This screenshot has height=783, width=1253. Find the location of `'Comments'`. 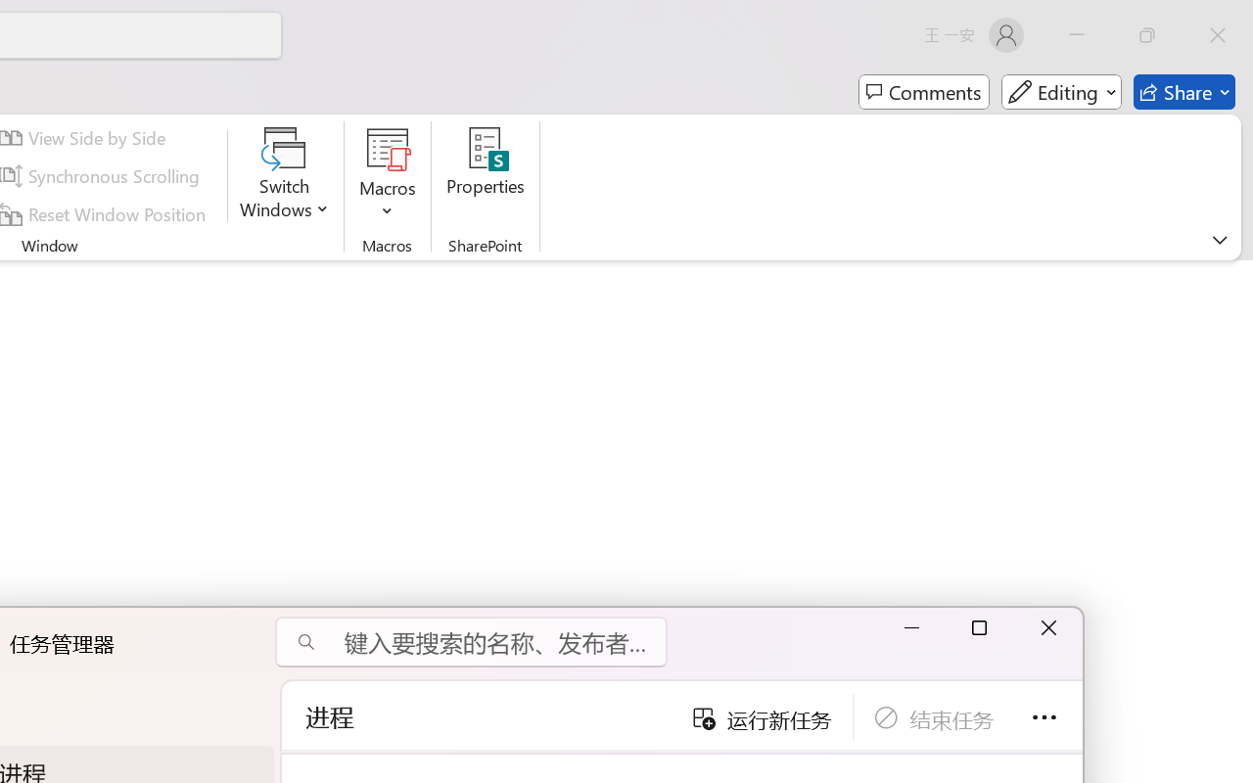

'Comments' is located at coordinates (923, 92).